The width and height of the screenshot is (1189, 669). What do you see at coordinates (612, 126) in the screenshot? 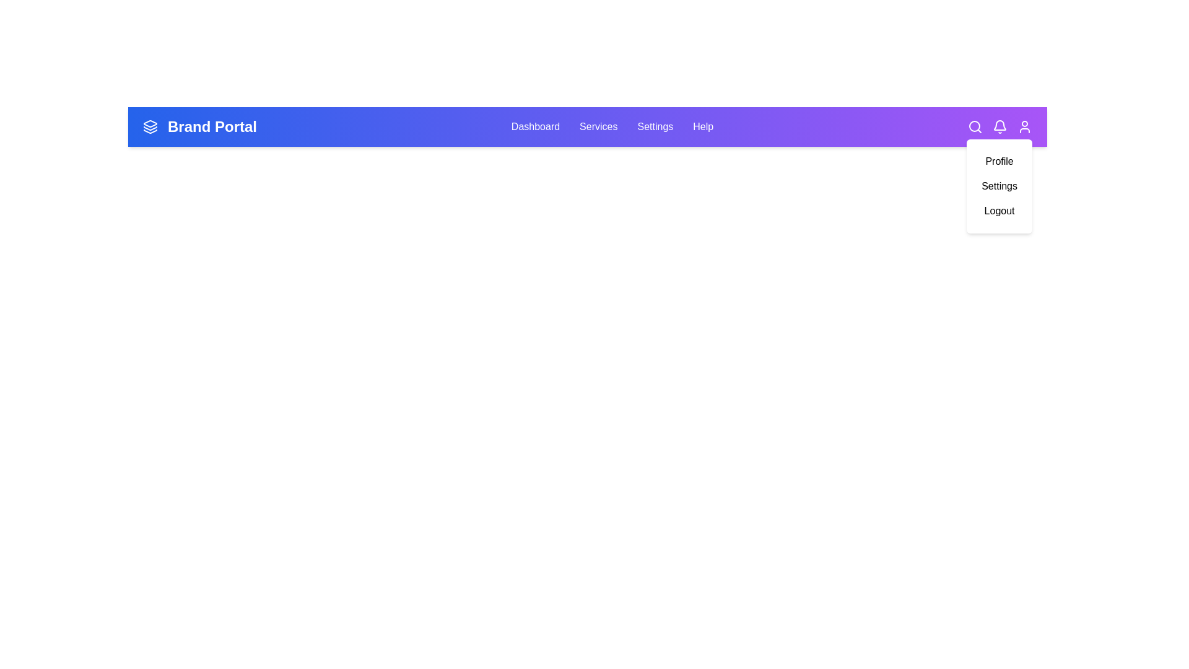
I see `the 'Services' link in the Navigation Menu` at bounding box center [612, 126].